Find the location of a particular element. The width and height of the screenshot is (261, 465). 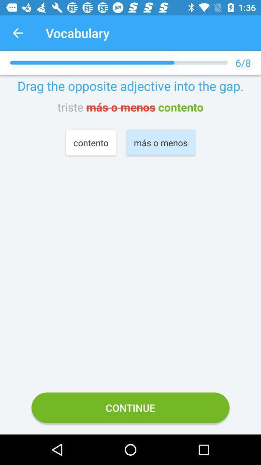

the icon to the left of vocabulary icon is located at coordinates (17, 33).